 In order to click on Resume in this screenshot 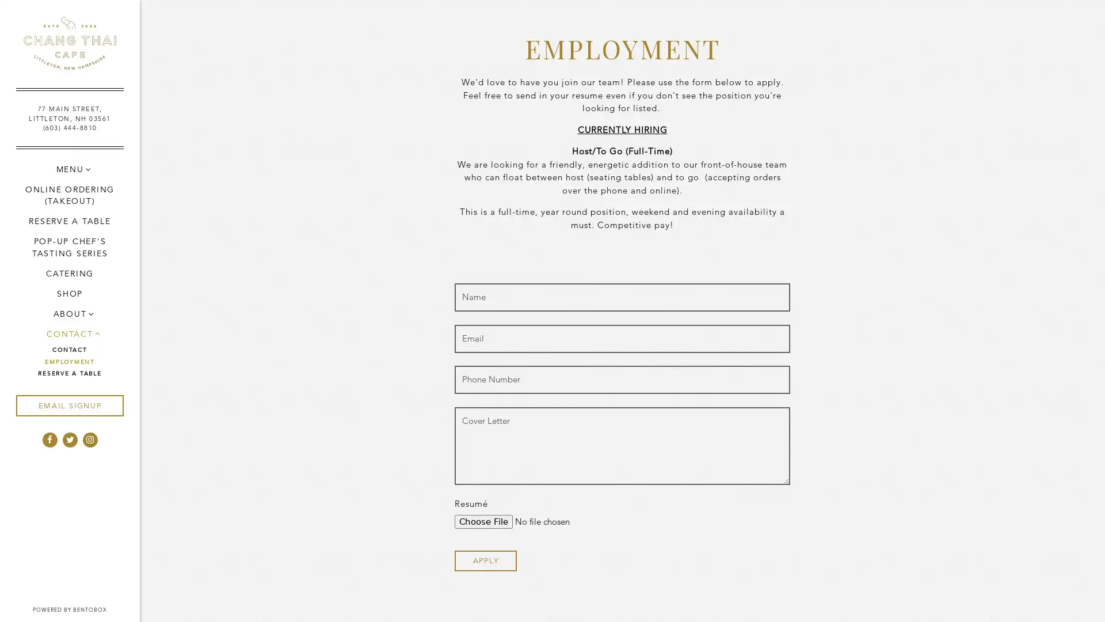, I will do `click(532, 522)`.